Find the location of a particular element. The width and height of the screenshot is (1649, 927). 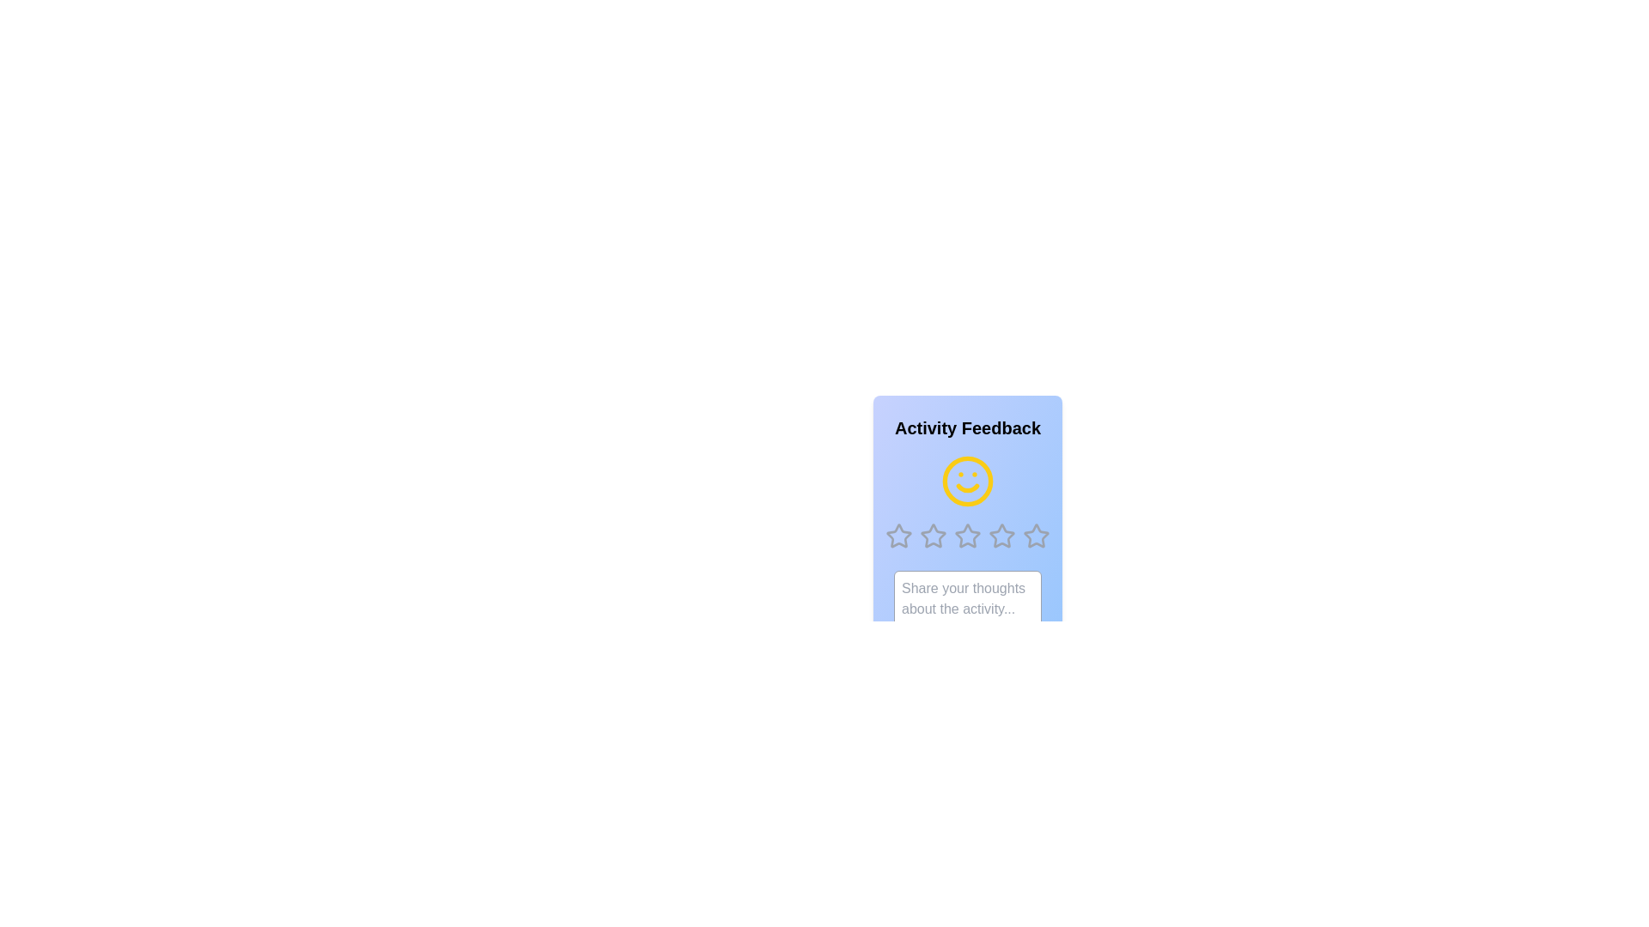

the fifth star icon in the horizontal row of five rating stars is located at coordinates (1035, 535).